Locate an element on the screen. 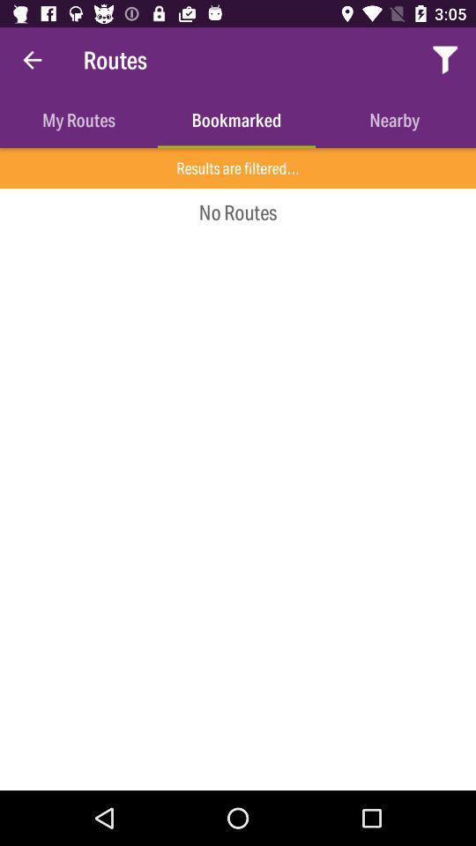 Image resolution: width=476 pixels, height=846 pixels. the item to the left of the routes icon is located at coordinates (32, 60).